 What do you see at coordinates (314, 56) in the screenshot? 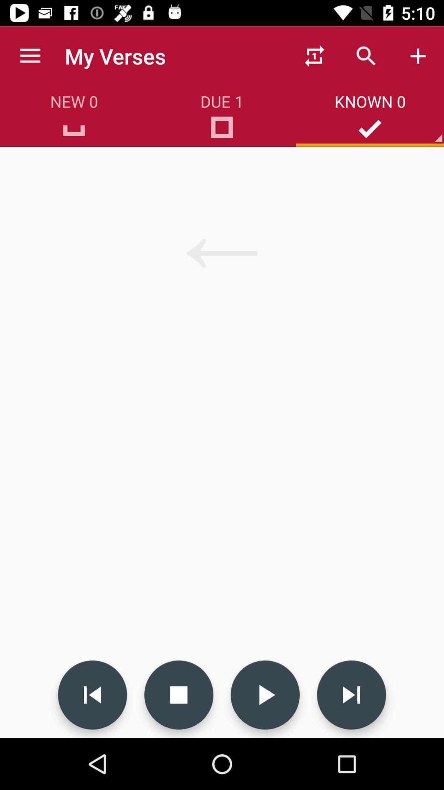
I see `the first icon on the top` at bounding box center [314, 56].